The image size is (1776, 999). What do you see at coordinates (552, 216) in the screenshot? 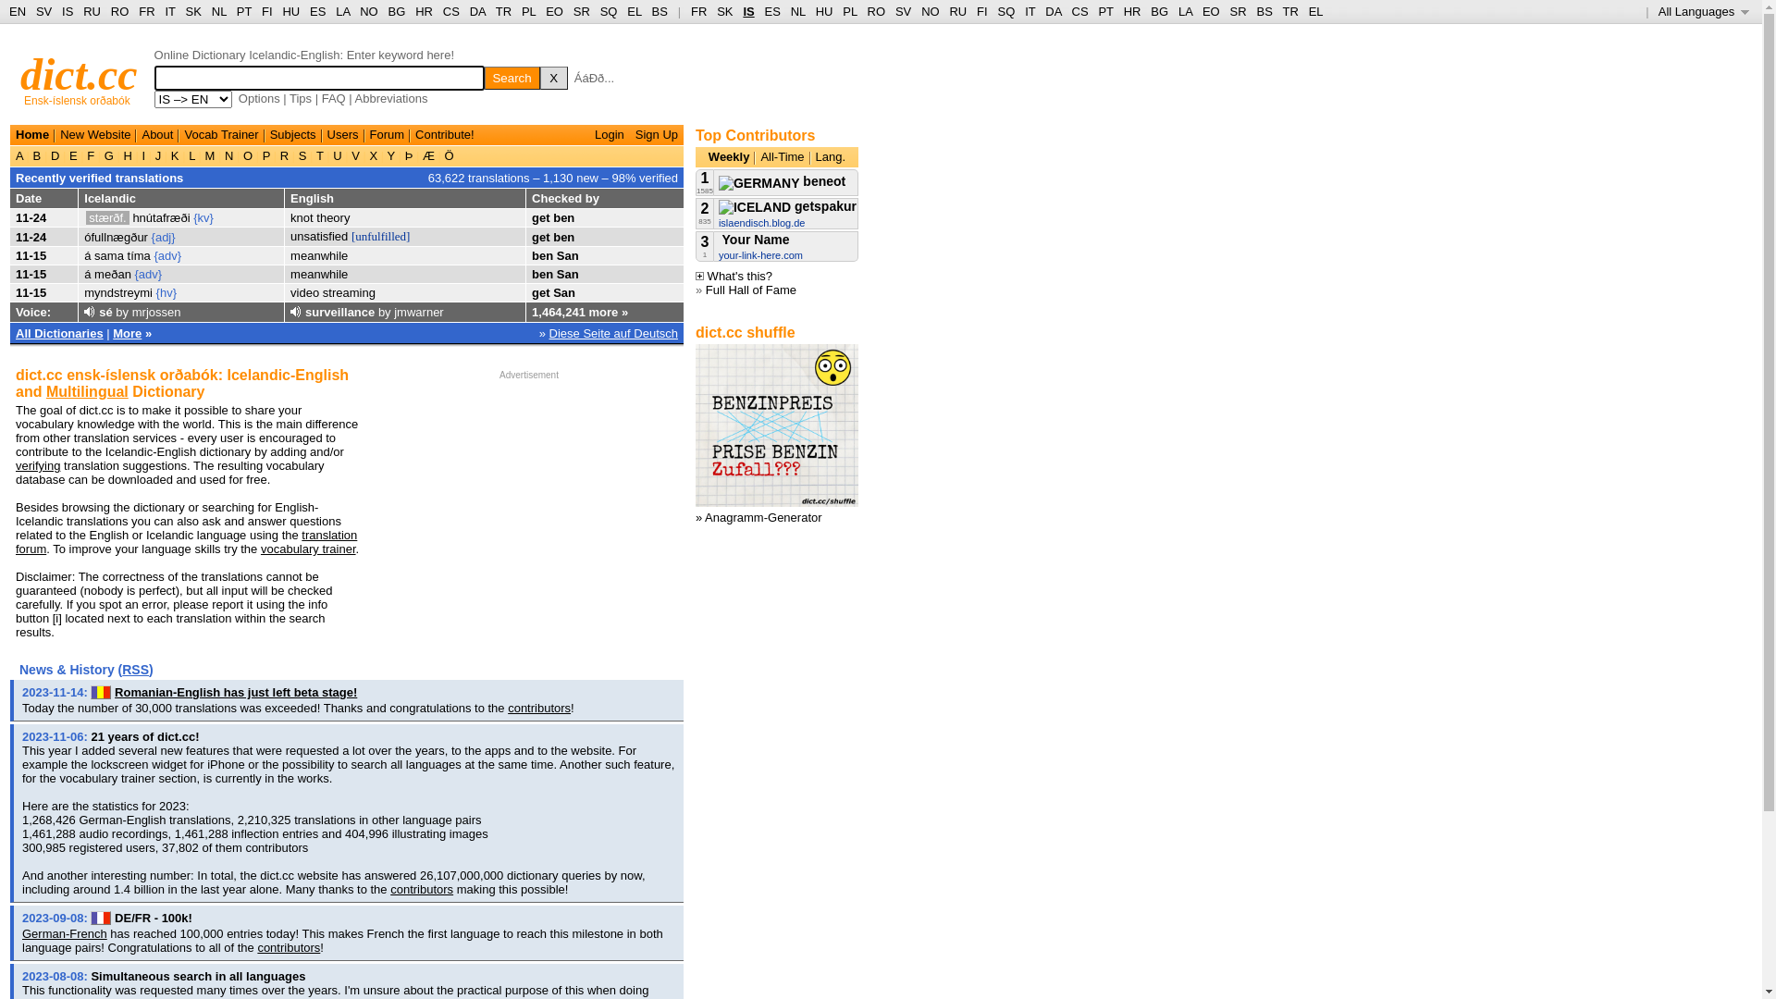
I see `'ben'` at bounding box center [552, 216].